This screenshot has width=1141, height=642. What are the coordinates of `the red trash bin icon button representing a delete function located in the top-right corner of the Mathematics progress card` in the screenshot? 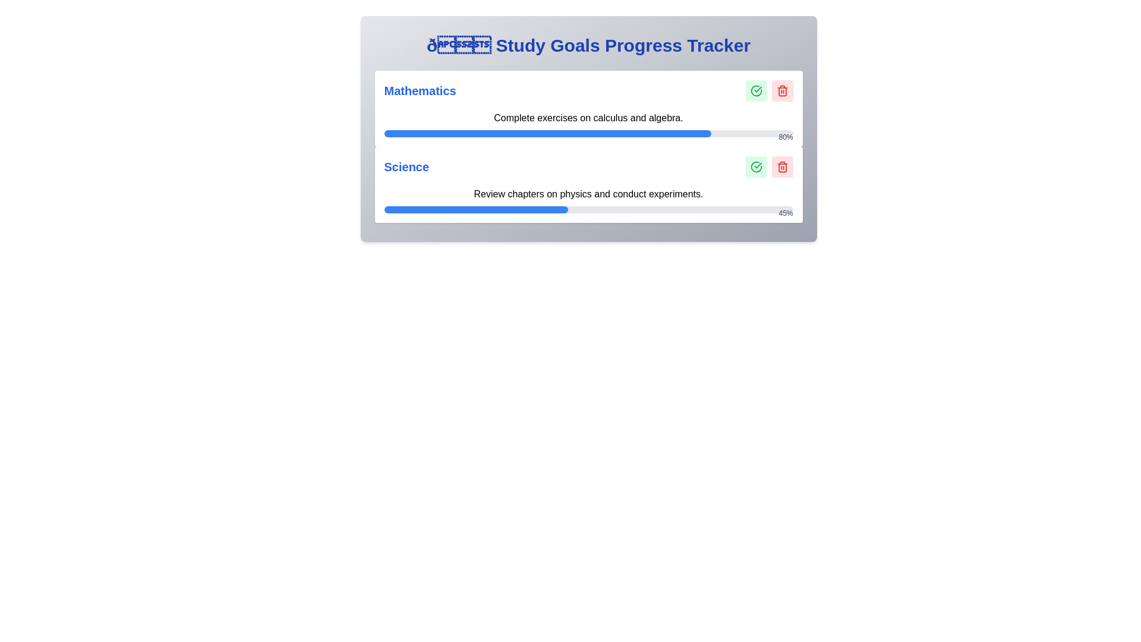 It's located at (782, 90).